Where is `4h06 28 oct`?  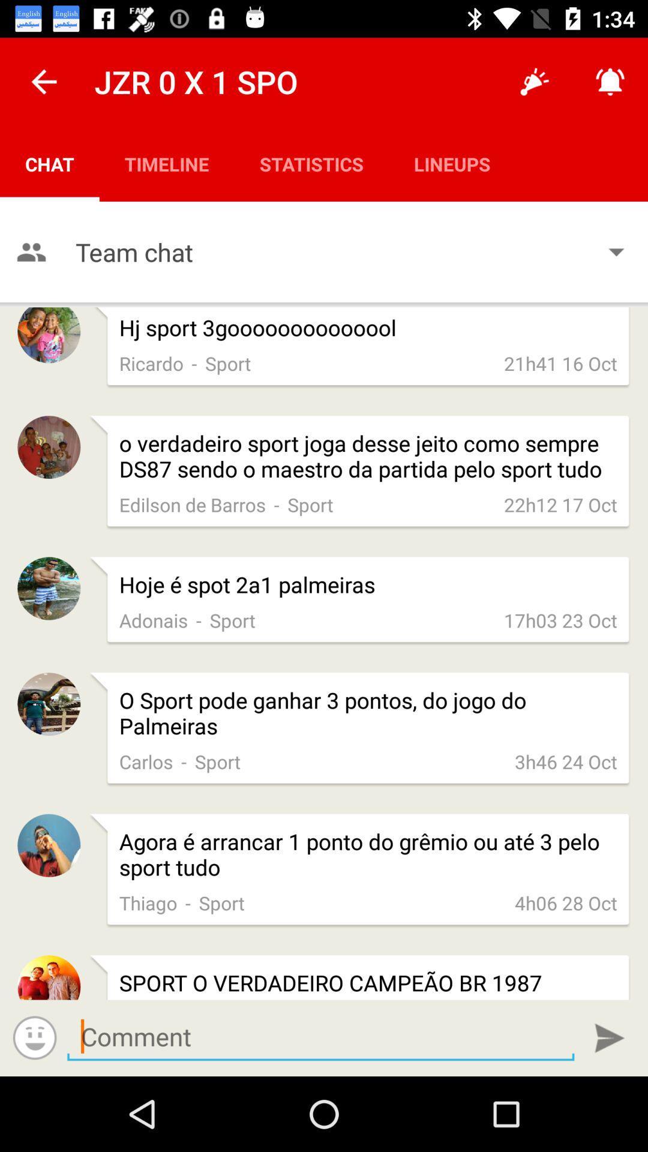 4h06 28 oct is located at coordinates (566, 902).